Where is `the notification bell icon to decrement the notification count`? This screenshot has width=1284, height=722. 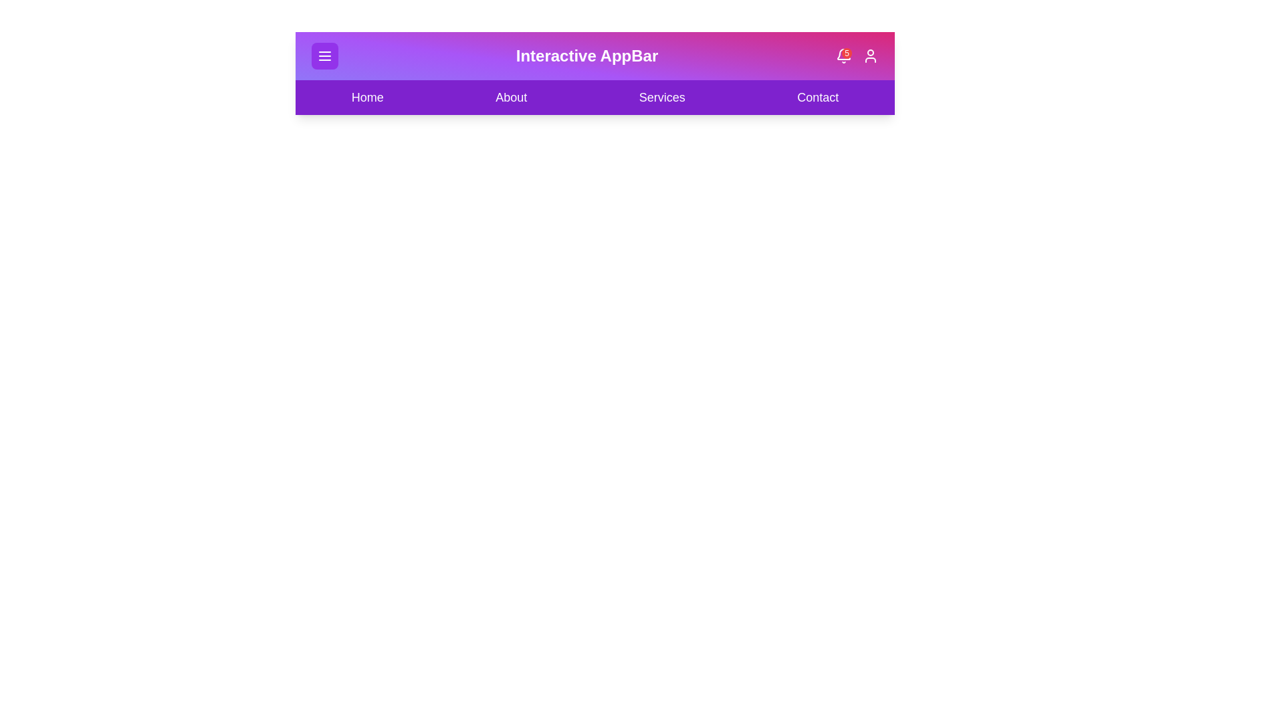
the notification bell icon to decrement the notification count is located at coordinates (843, 55).